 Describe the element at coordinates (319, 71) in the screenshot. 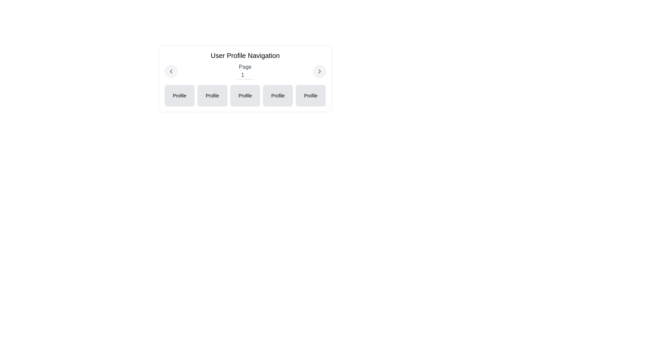

I see `the right-pointing chevron button in the User Profile Navigation section` at that location.